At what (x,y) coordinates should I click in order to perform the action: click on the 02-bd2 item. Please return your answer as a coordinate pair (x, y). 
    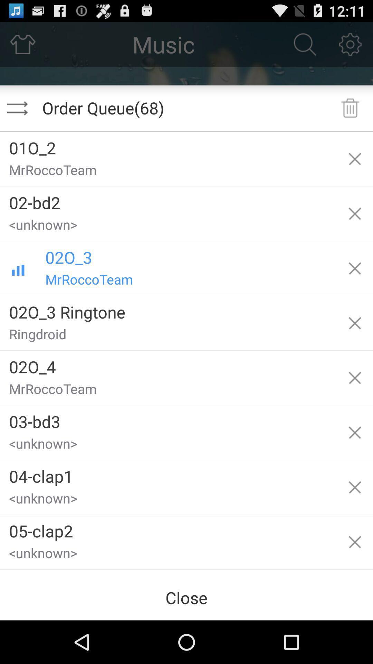
    Looking at the image, I should click on (168, 200).